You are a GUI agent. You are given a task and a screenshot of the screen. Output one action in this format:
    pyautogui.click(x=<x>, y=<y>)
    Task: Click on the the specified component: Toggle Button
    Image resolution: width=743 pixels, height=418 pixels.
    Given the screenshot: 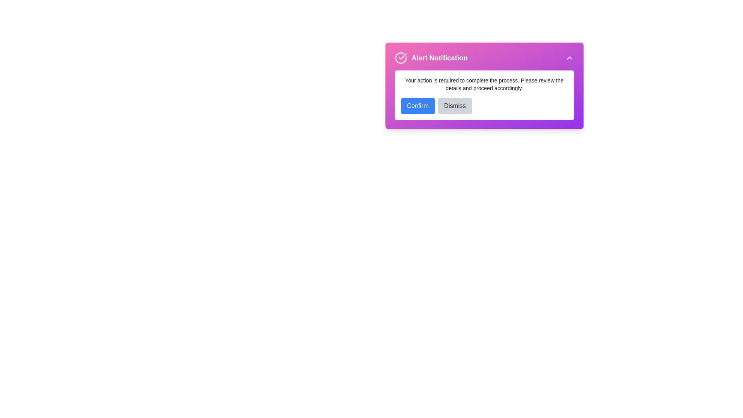 What is the action you would take?
    pyautogui.click(x=569, y=58)
    